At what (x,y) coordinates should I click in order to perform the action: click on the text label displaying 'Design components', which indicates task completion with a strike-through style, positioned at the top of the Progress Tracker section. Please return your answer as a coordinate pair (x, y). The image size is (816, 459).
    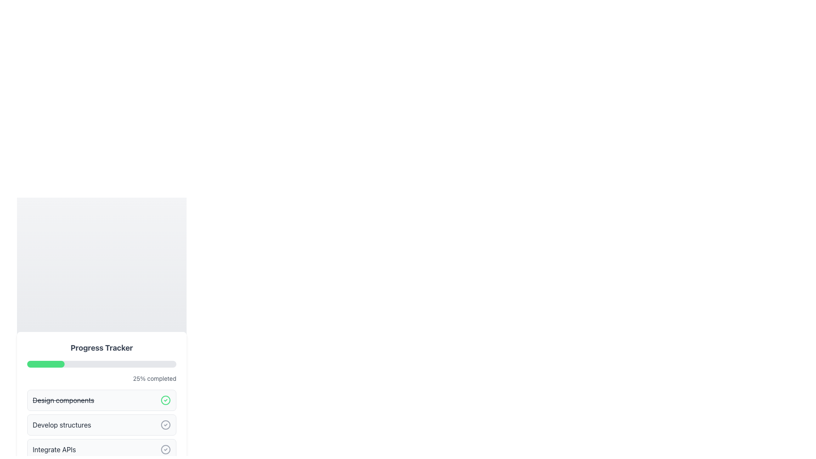
    Looking at the image, I should click on (63, 400).